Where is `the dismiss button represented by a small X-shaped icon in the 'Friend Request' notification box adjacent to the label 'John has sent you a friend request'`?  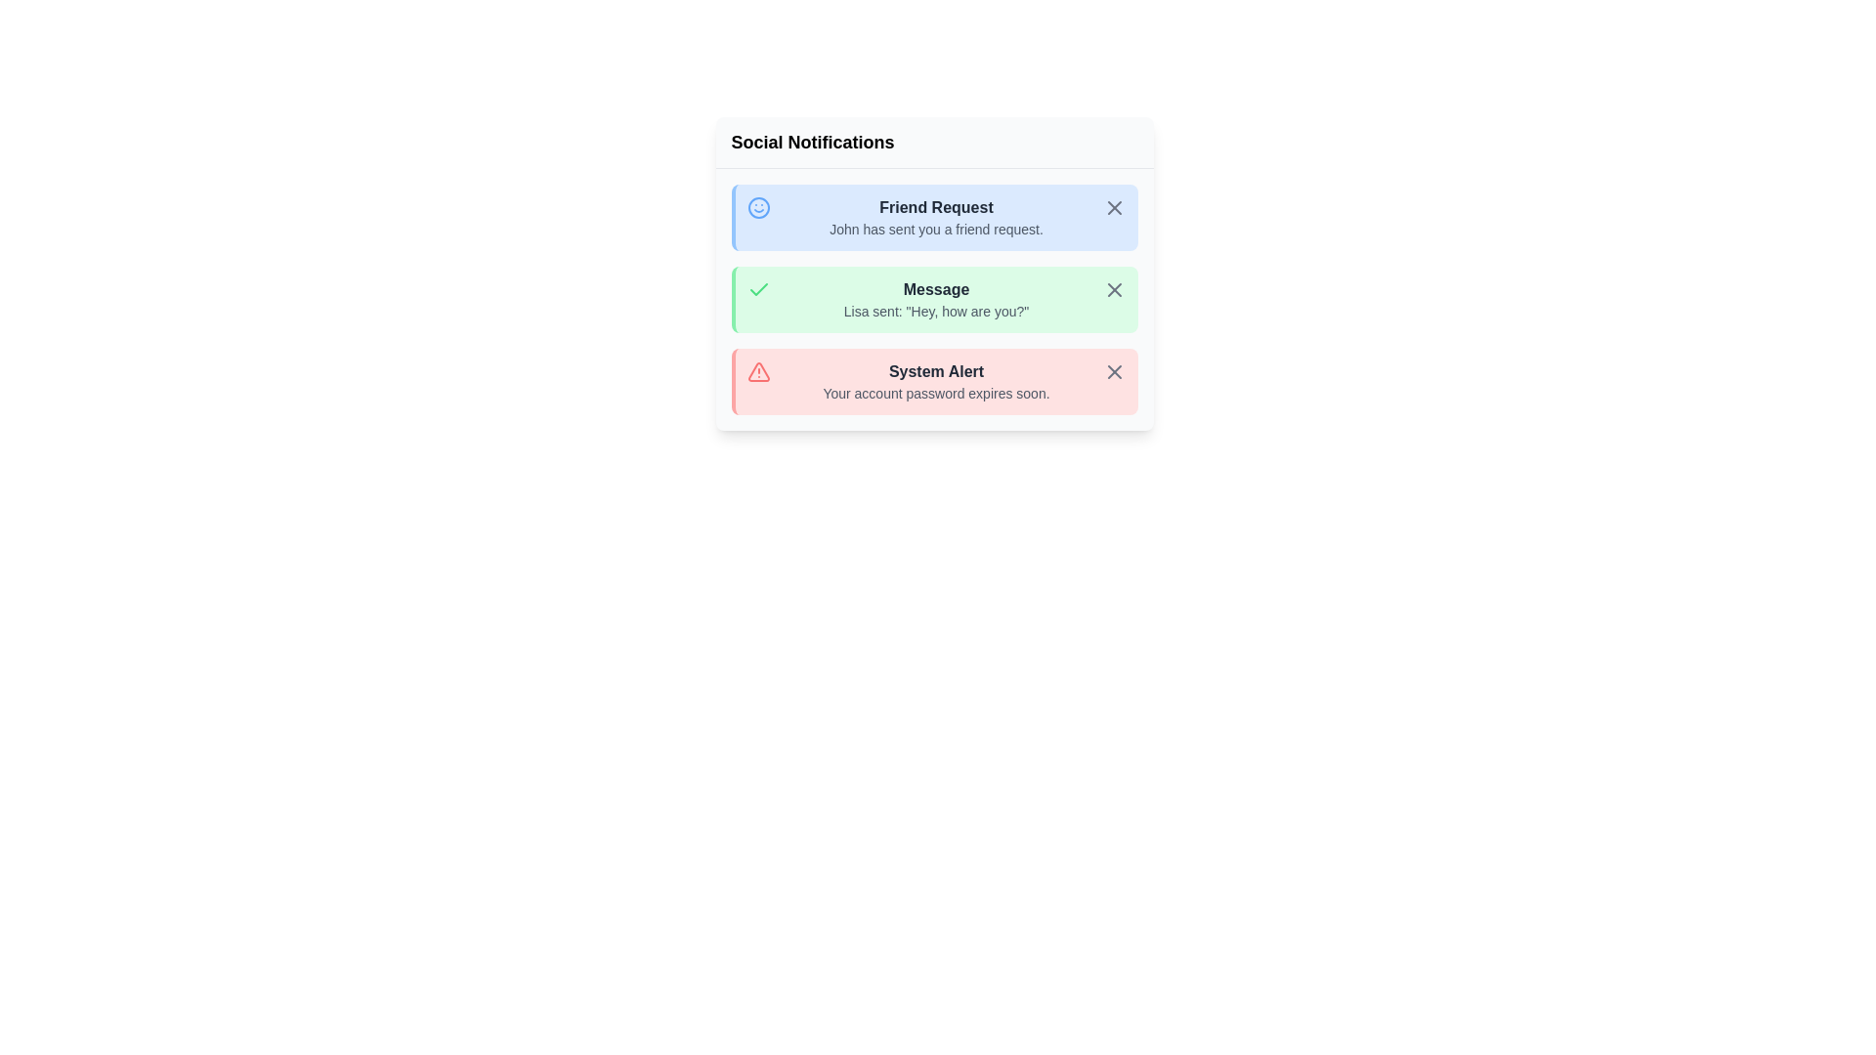 the dismiss button represented by a small X-shaped icon in the 'Friend Request' notification box adjacent to the label 'John has sent you a friend request' is located at coordinates (1114, 207).